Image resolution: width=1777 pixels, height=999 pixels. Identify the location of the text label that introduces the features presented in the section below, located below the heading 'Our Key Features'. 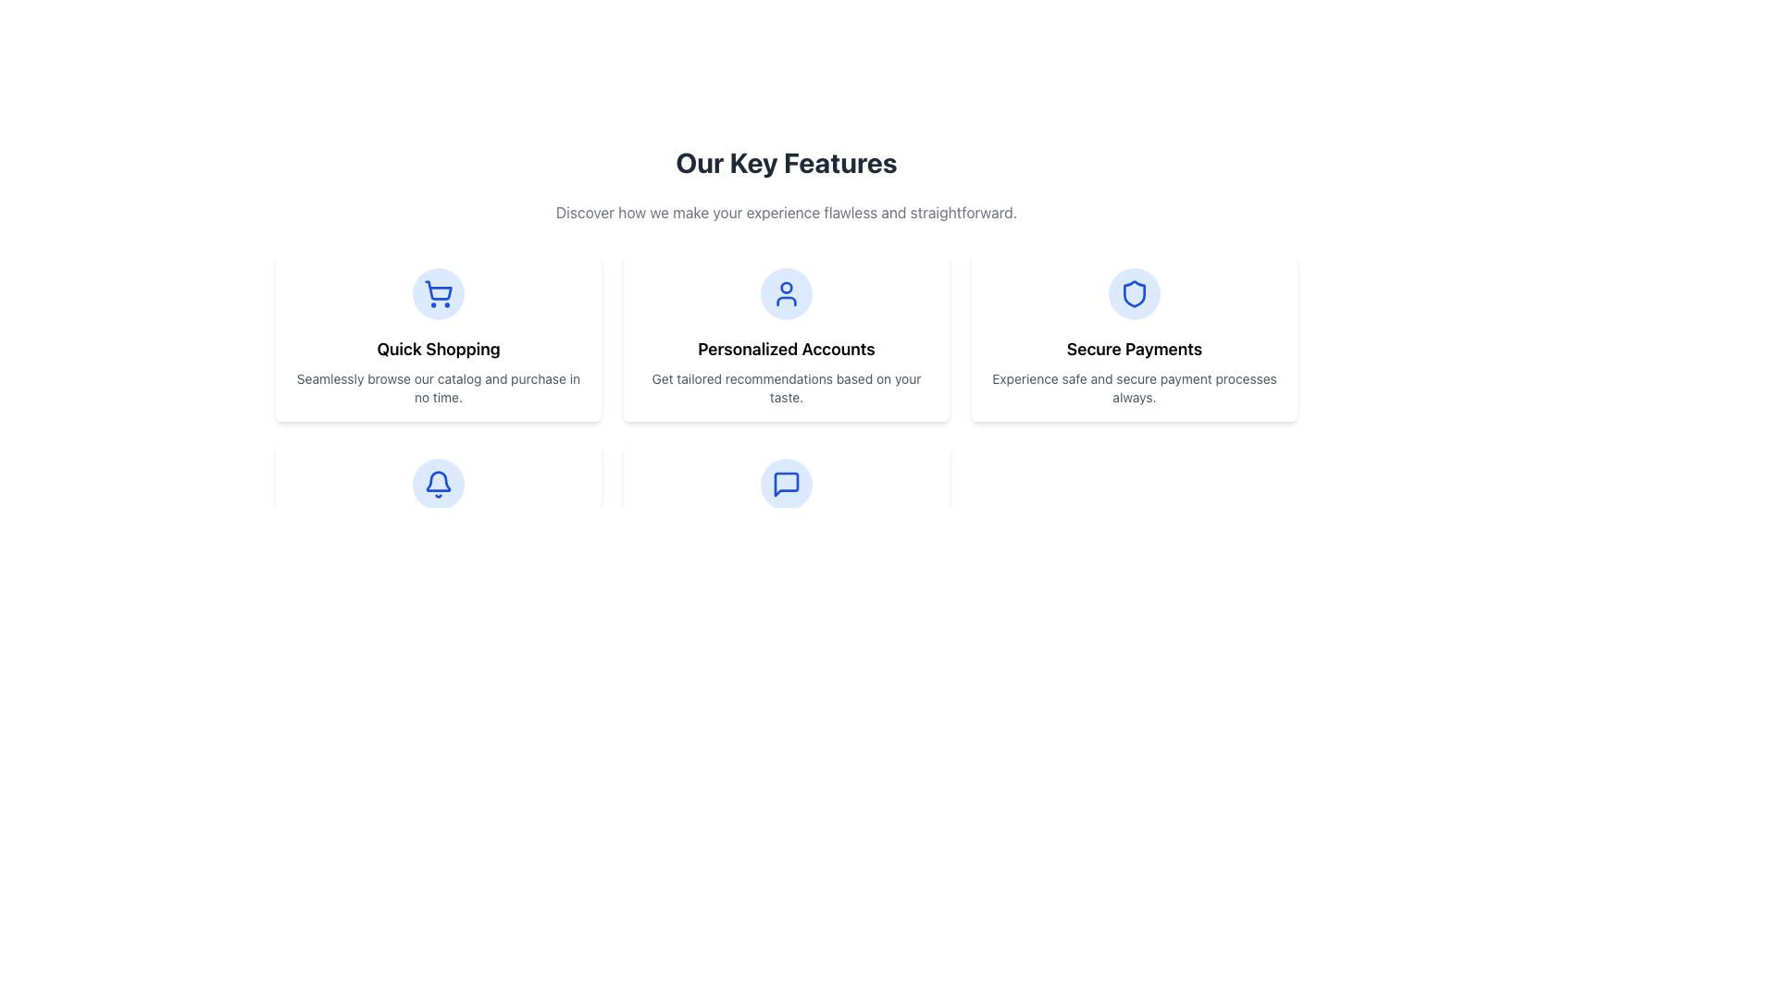
(786, 212).